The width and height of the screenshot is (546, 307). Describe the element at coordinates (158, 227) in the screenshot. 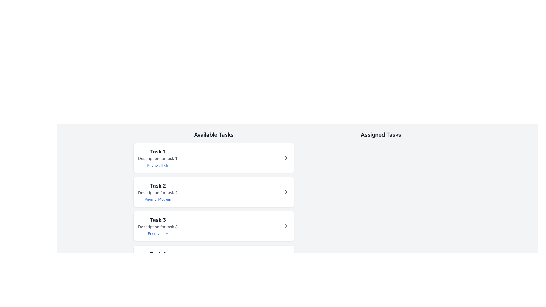

I see `the text label stating 'Description for task 3', which is located in the 'Available Tasks' section, below the heading 'Task 3' and above the text 'Priority: Low'` at that location.